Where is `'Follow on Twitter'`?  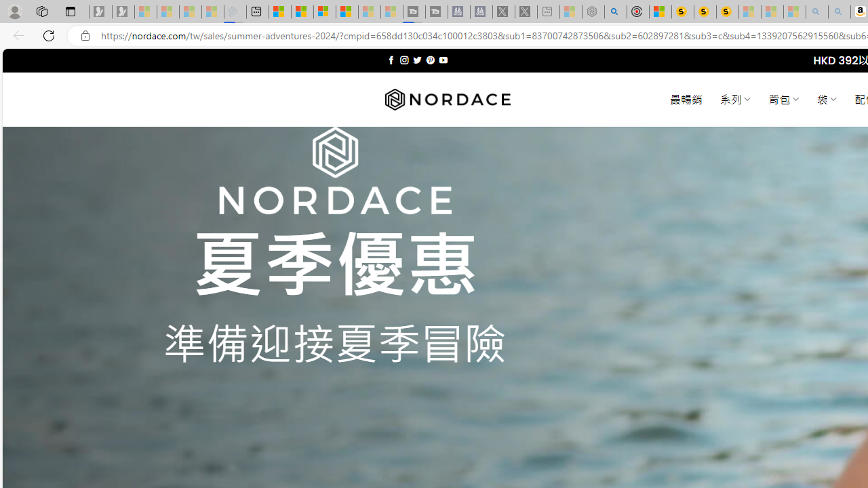
'Follow on Twitter' is located at coordinates (416, 60).